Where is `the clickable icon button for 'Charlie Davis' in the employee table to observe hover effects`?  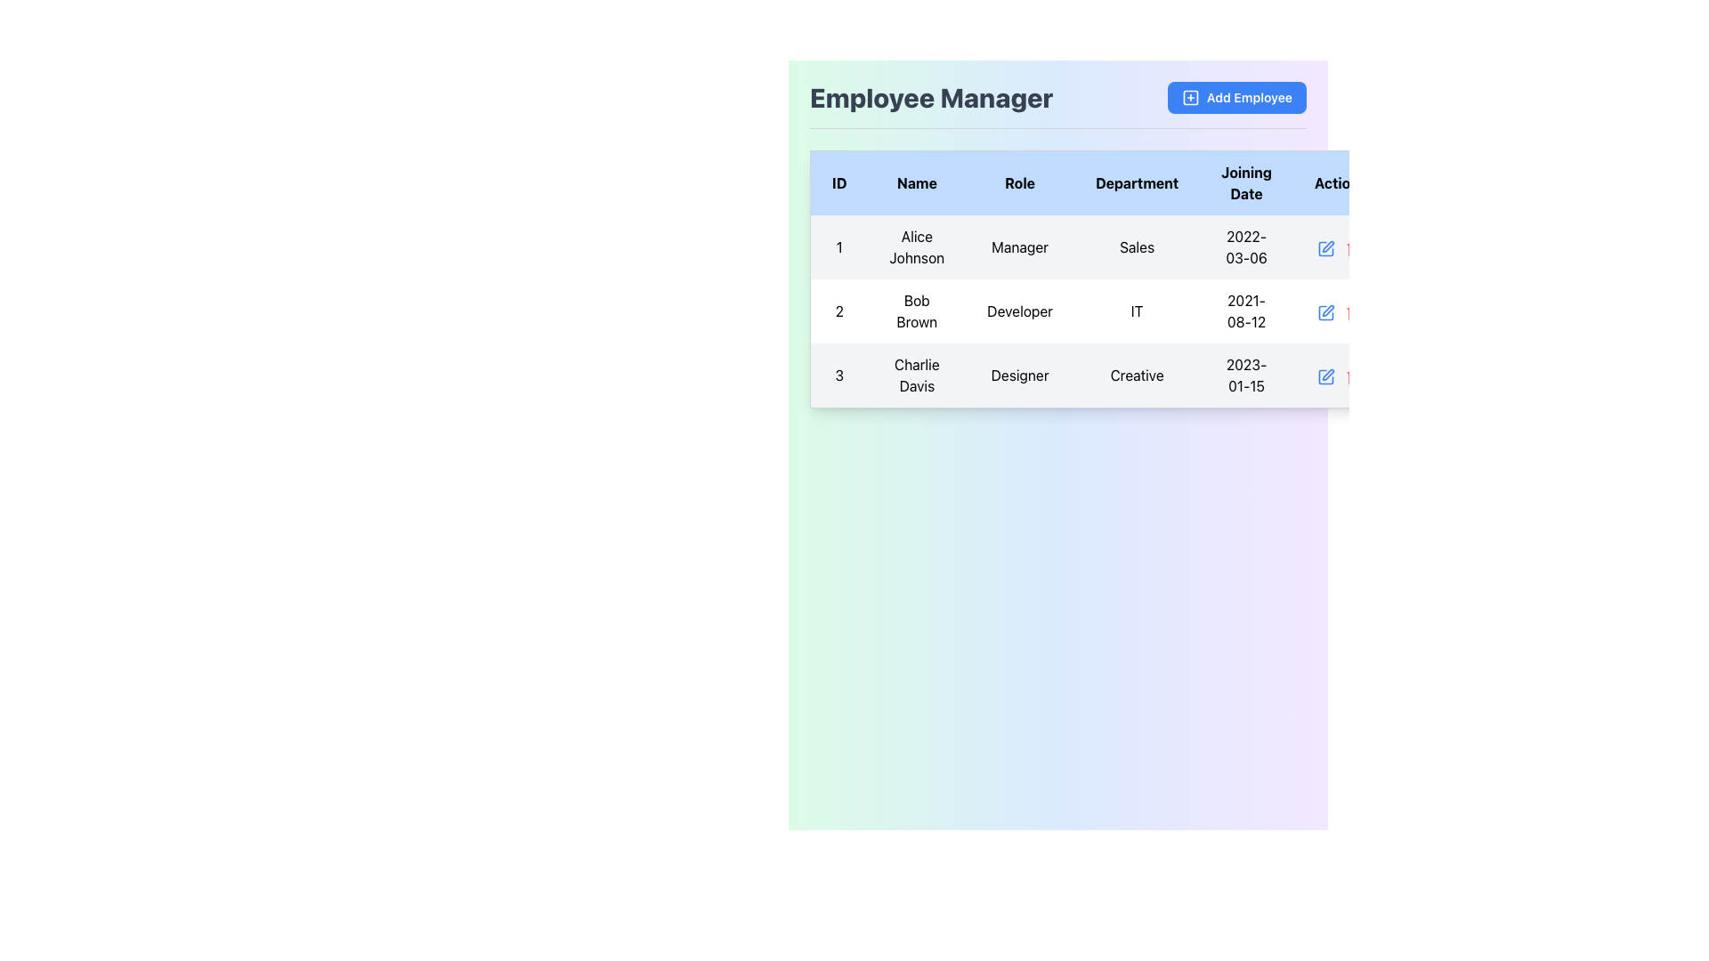
the clickable icon button for 'Charlie Davis' in the employee table to observe hover effects is located at coordinates (1326, 374).